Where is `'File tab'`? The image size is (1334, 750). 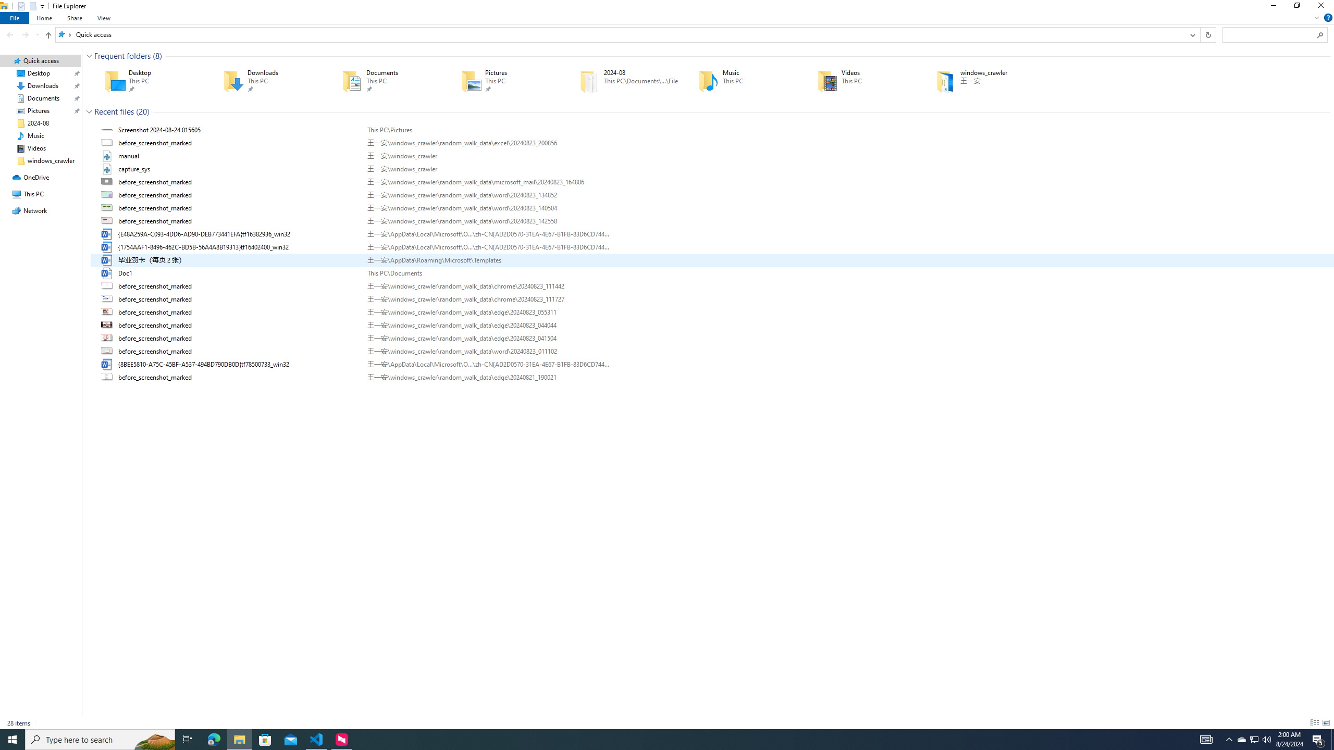
'File tab' is located at coordinates (15, 18).